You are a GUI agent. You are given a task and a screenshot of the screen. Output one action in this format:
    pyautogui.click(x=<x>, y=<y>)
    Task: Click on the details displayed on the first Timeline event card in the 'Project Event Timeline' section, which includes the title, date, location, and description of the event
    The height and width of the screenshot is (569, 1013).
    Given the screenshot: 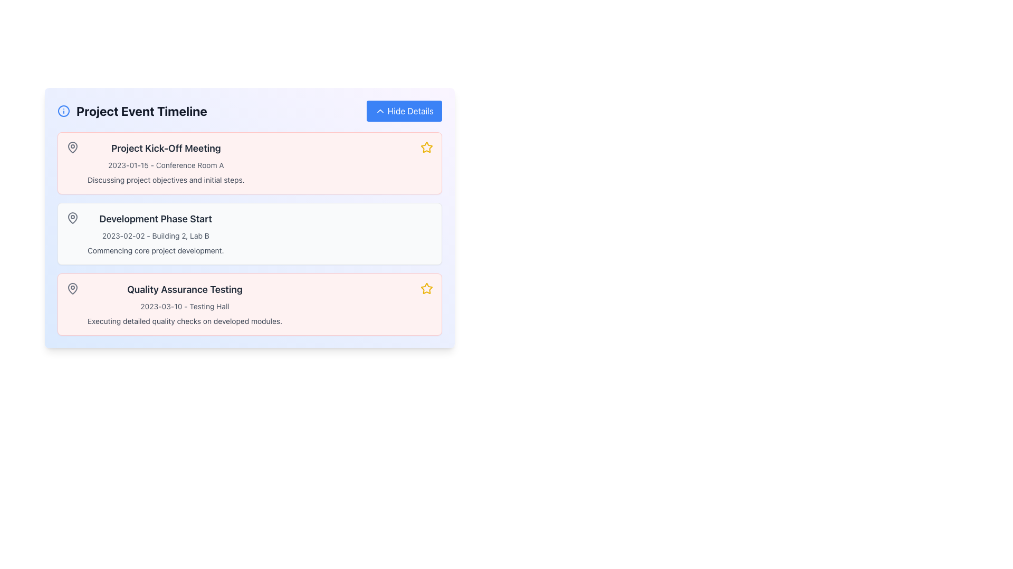 What is the action you would take?
    pyautogui.click(x=249, y=163)
    